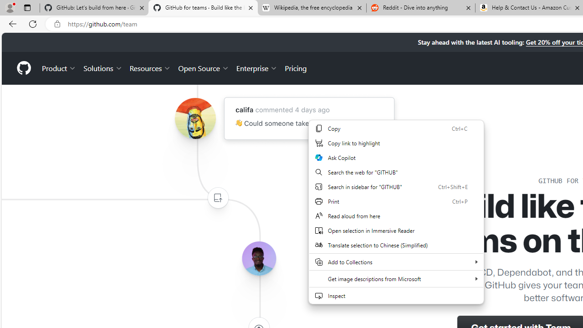 This screenshot has width=583, height=328. Describe the element at coordinates (396, 217) in the screenshot. I see `'Web context'` at that location.